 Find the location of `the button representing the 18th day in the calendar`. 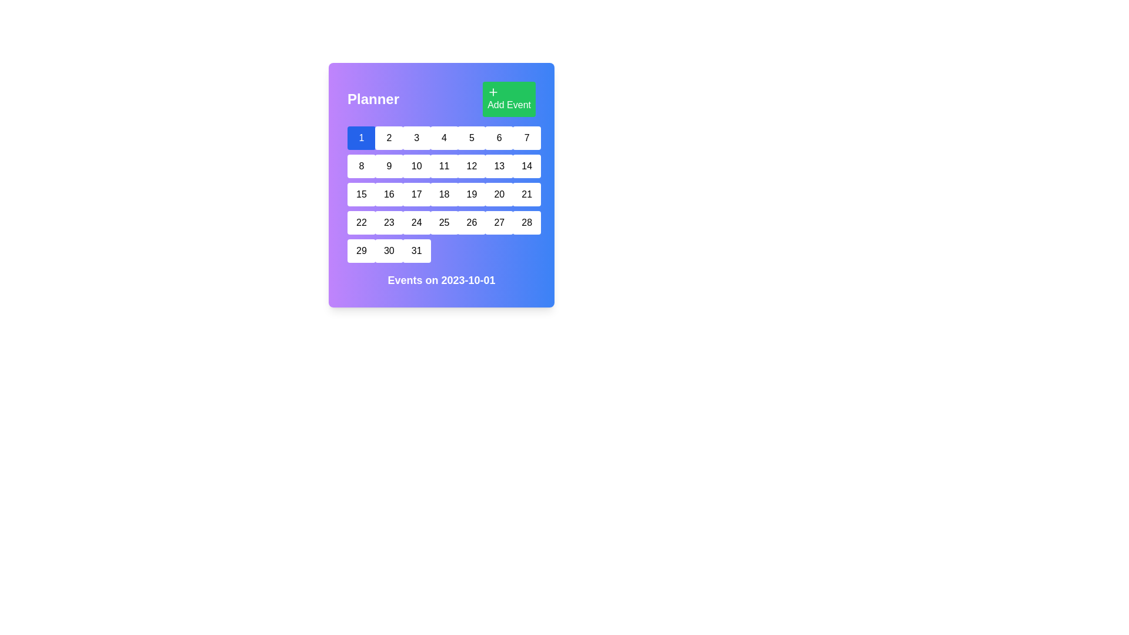

the button representing the 18th day in the calendar is located at coordinates (443, 194).